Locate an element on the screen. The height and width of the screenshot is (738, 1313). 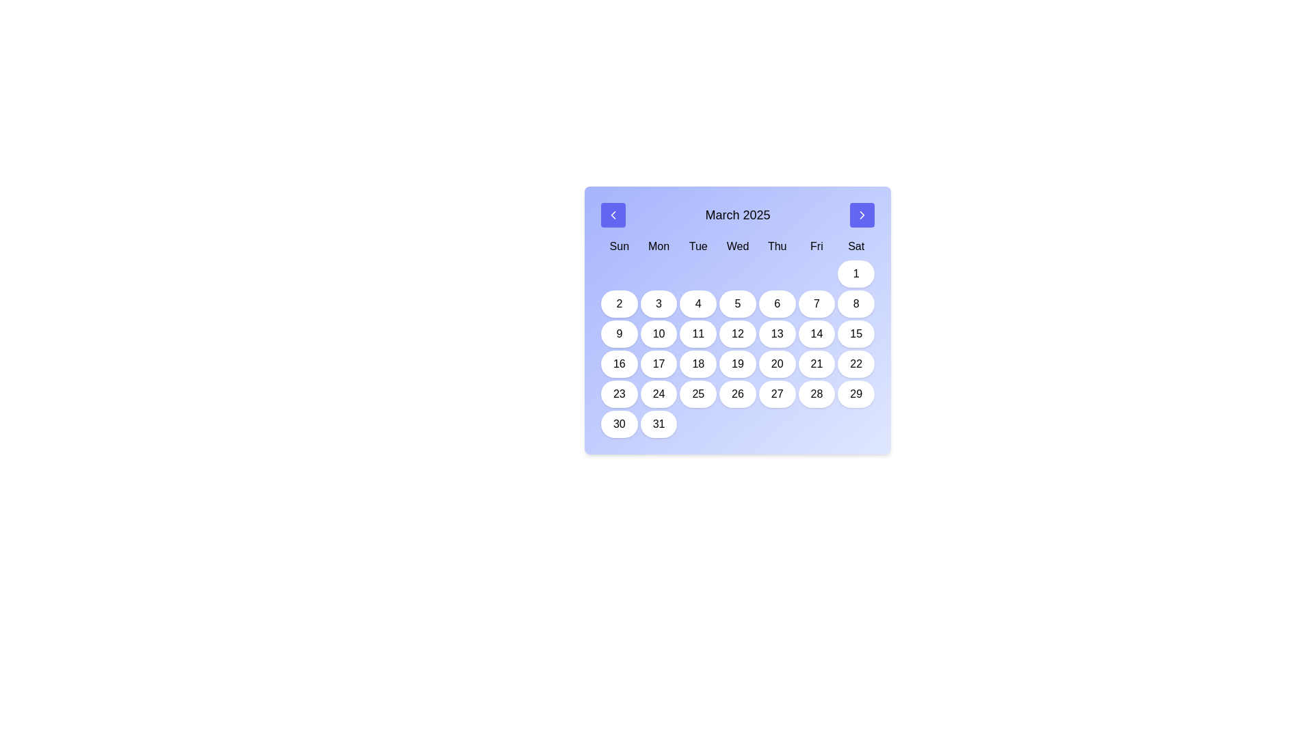
the circular button labeled '7' with a white background and rounded borders to trigger the color change effect to indigo is located at coordinates (817, 303).